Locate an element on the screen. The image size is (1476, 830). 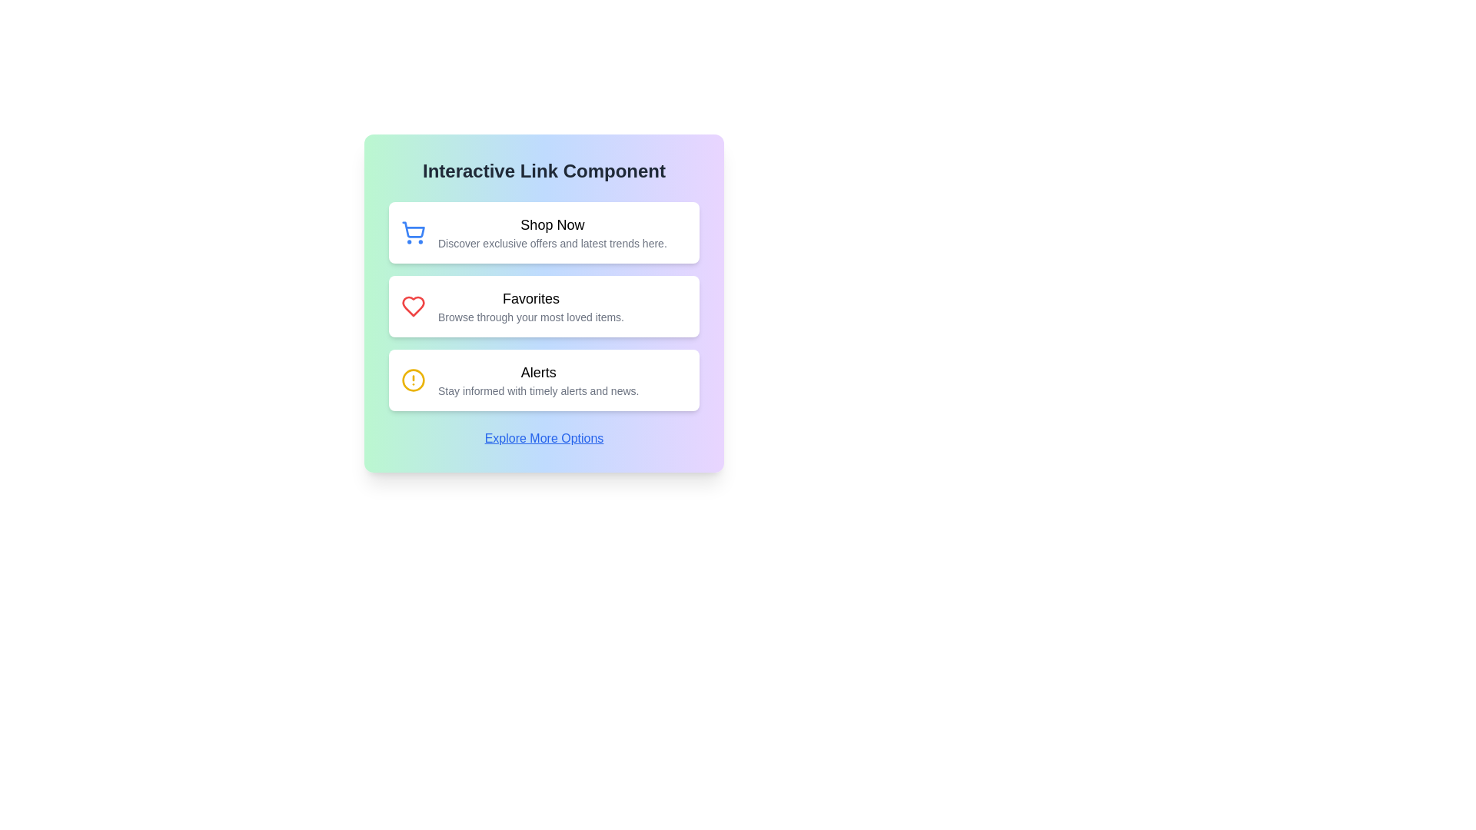
the text label that provides supplementary information about the 'Alerts' feature, located in the lower section of the 'Alerts' card, under the title 'Alerts' is located at coordinates (538, 390).